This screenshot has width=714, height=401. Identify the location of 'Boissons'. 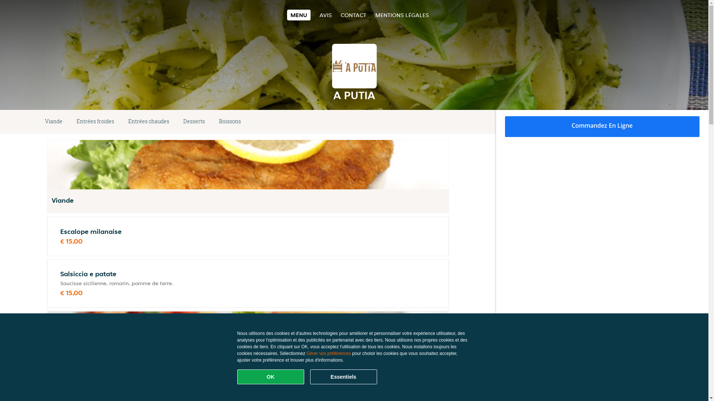
(229, 121).